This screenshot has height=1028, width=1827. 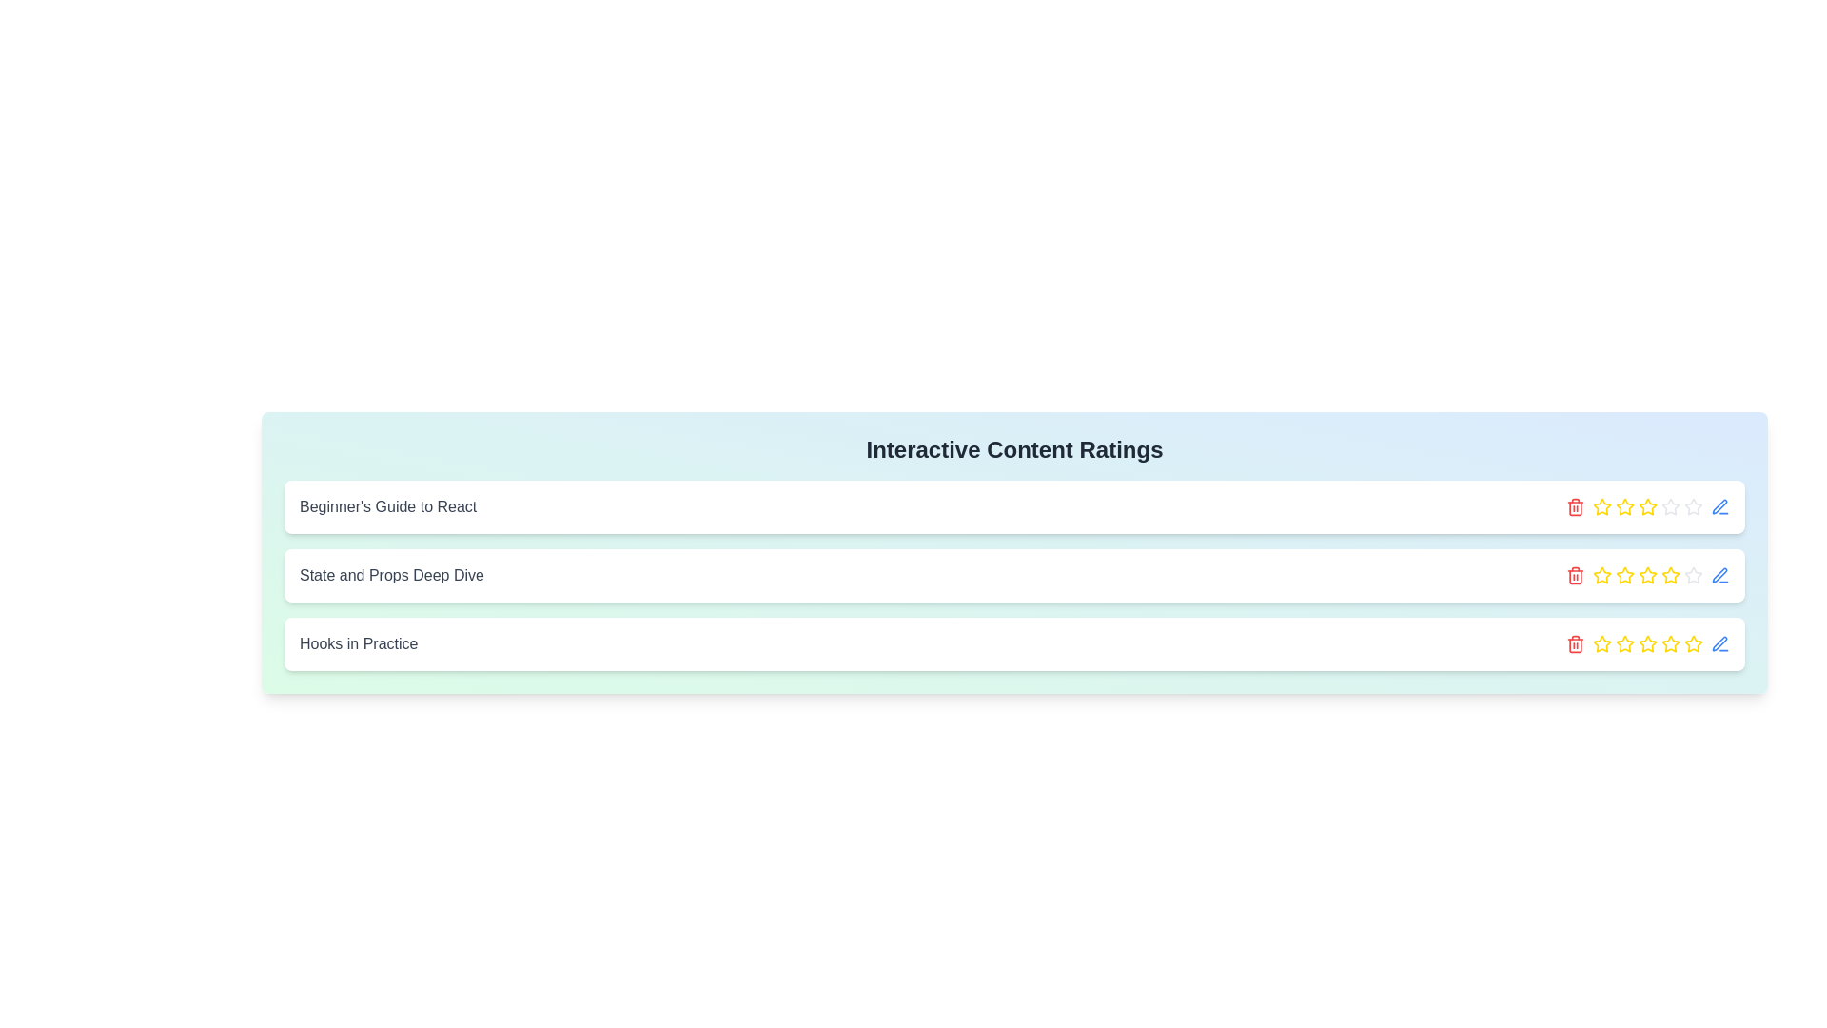 I want to click on the text label that serves as the header or title in the second card of the interactive content ratings list, so click(x=391, y=575).